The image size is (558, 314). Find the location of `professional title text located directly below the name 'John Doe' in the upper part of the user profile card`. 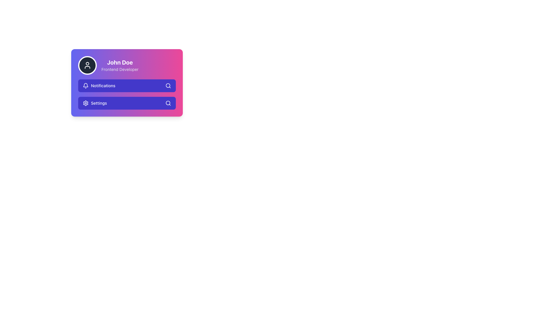

professional title text located directly below the name 'John Doe' in the upper part of the user profile card is located at coordinates (119, 69).